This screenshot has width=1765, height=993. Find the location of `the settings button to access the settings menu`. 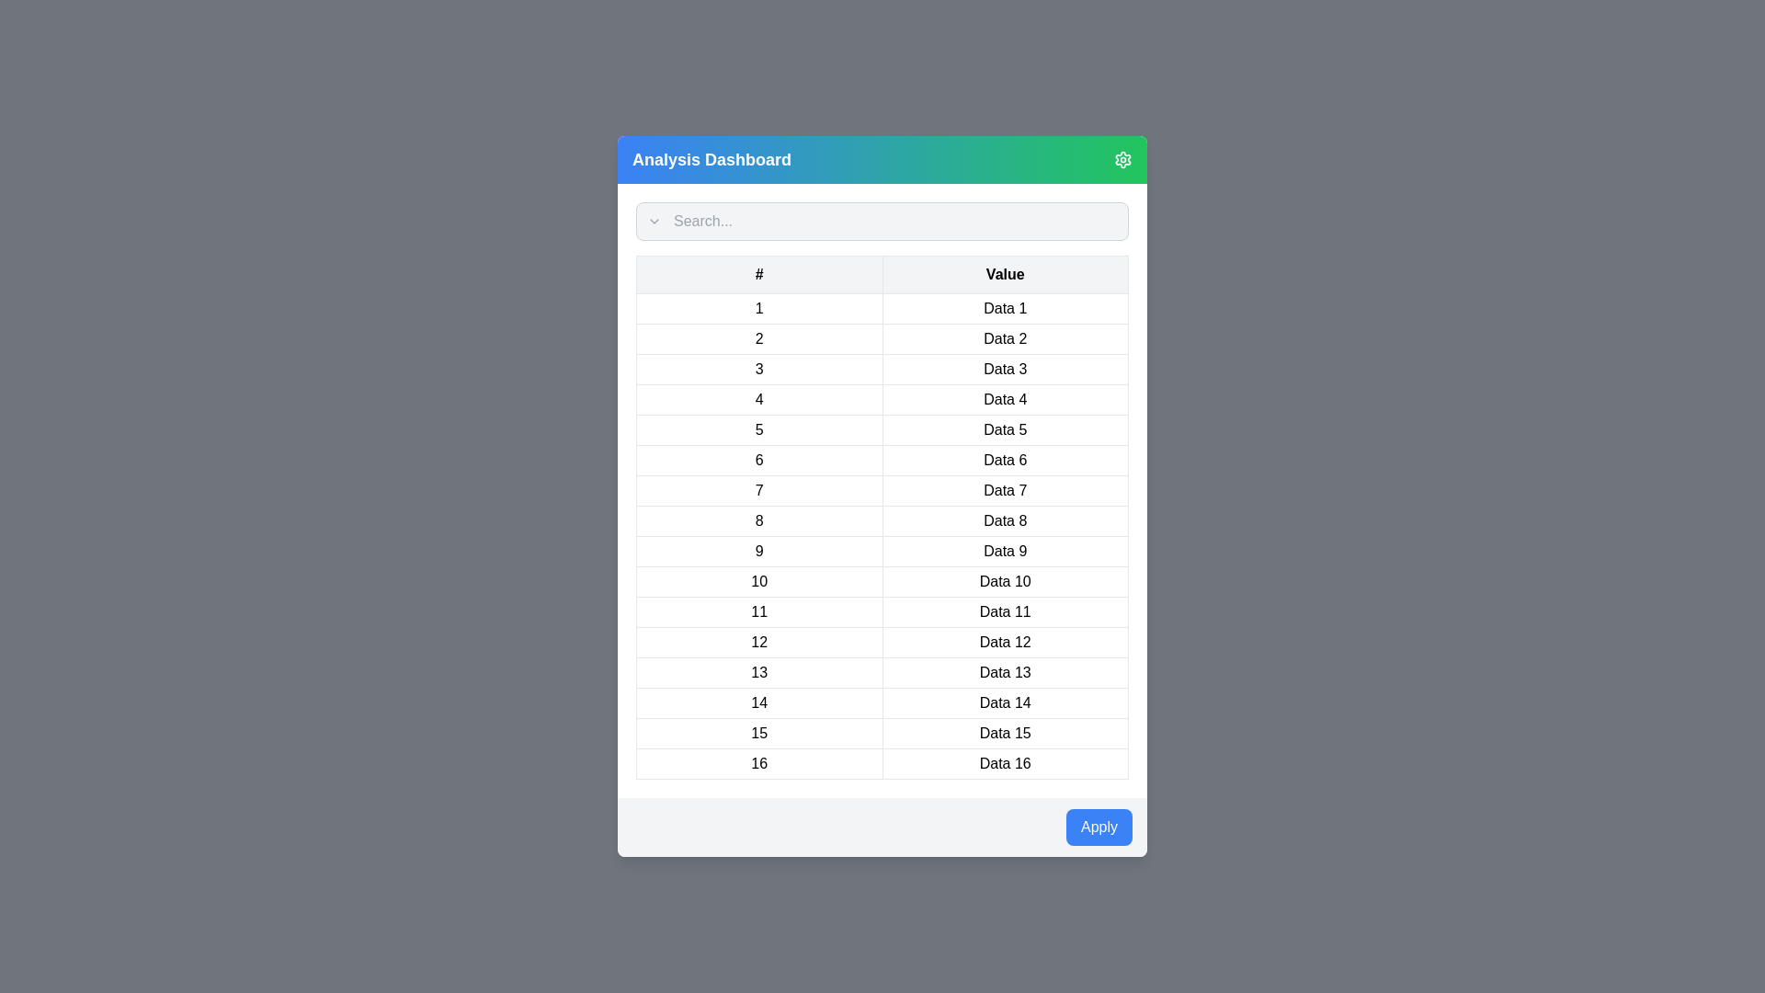

the settings button to access the settings menu is located at coordinates (1122, 158).